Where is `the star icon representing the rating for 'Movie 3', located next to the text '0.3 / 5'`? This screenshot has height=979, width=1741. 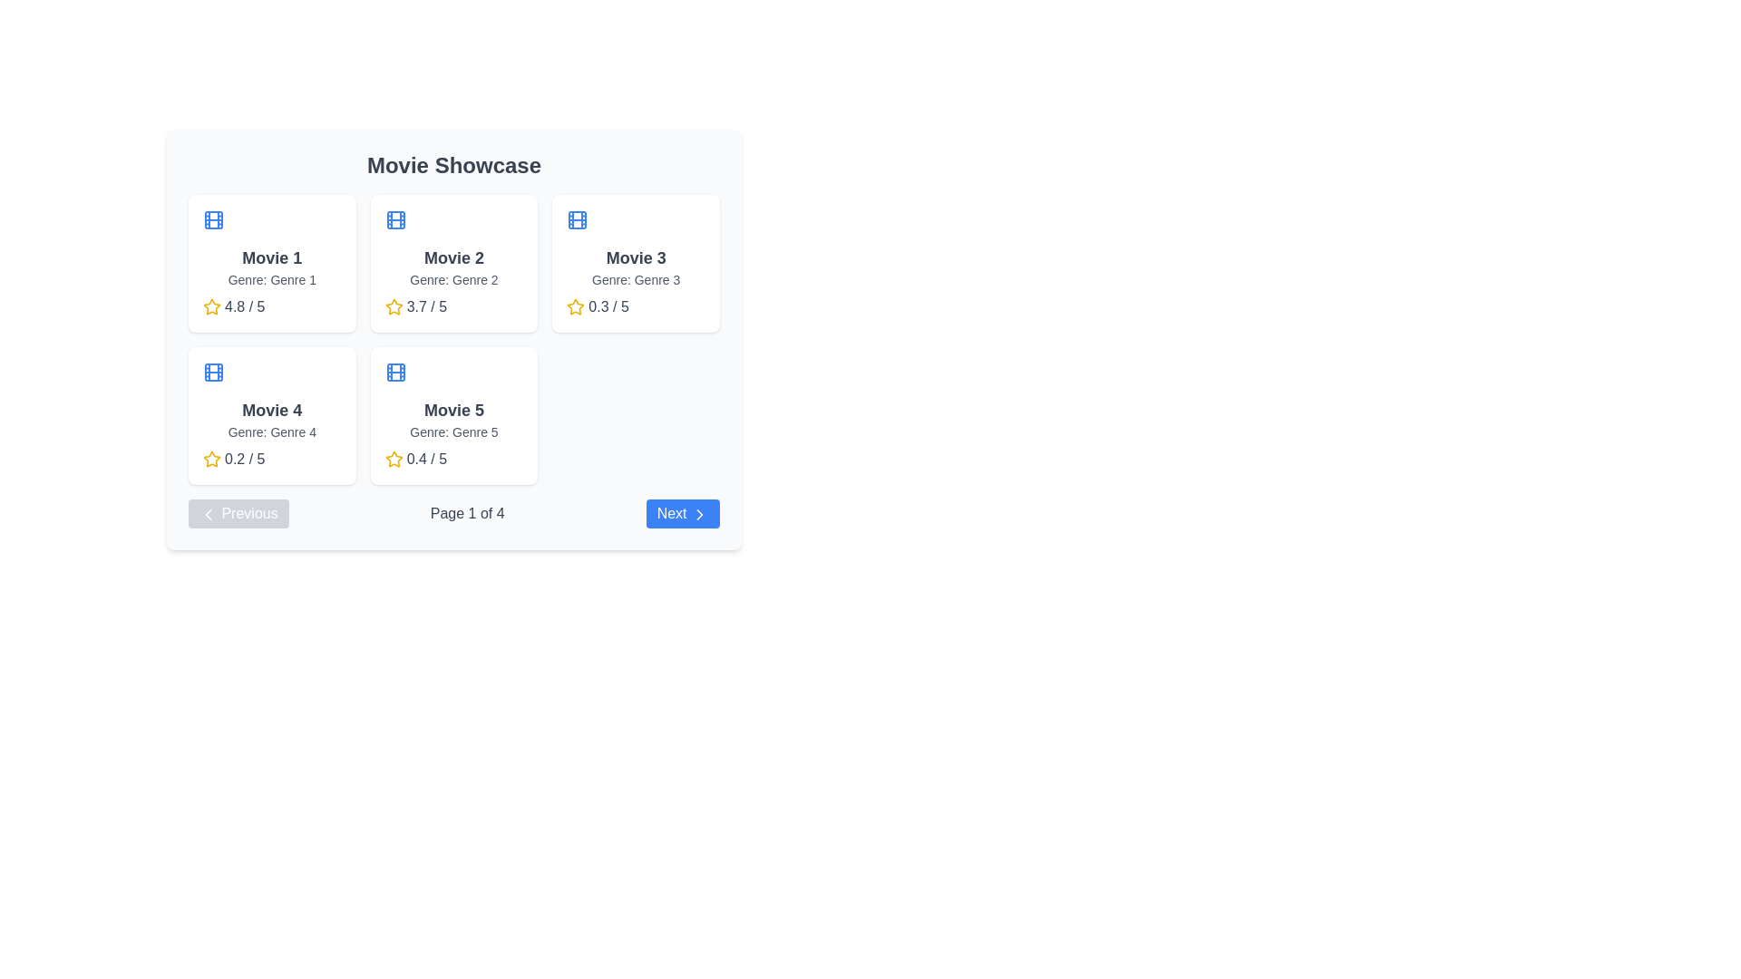
the star icon representing the rating for 'Movie 3', located next to the text '0.3 / 5' is located at coordinates (575, 305).